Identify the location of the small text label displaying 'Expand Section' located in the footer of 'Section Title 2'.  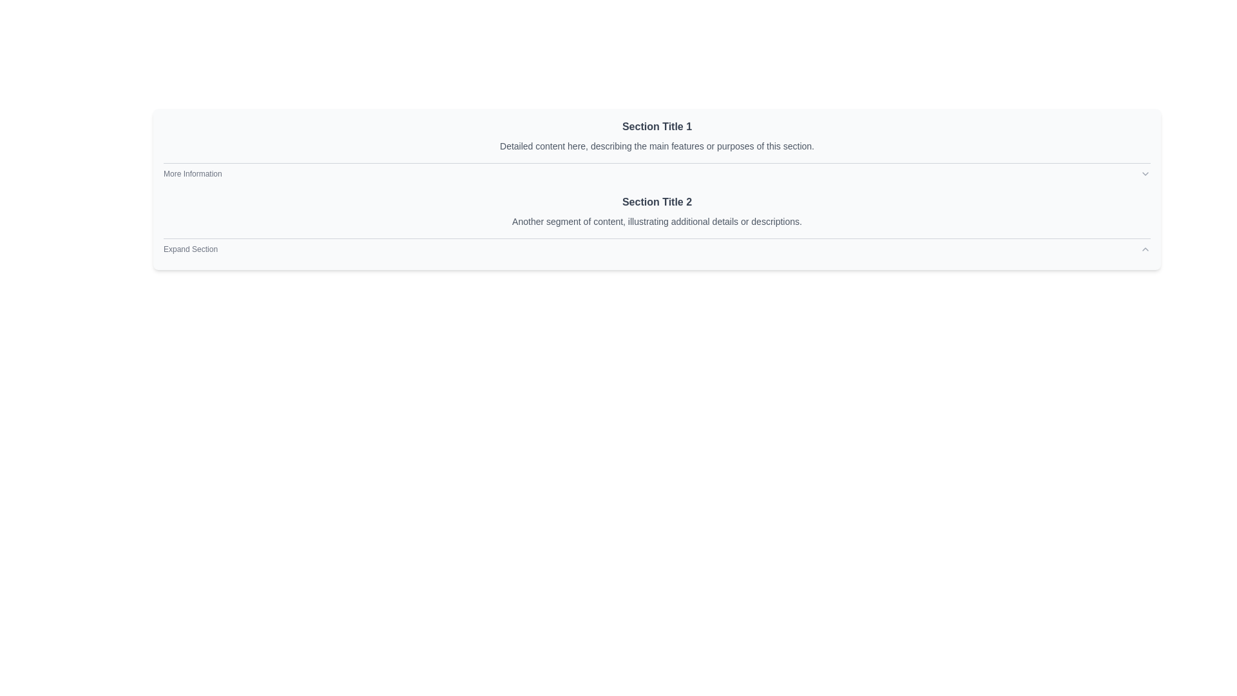
(190, 249).